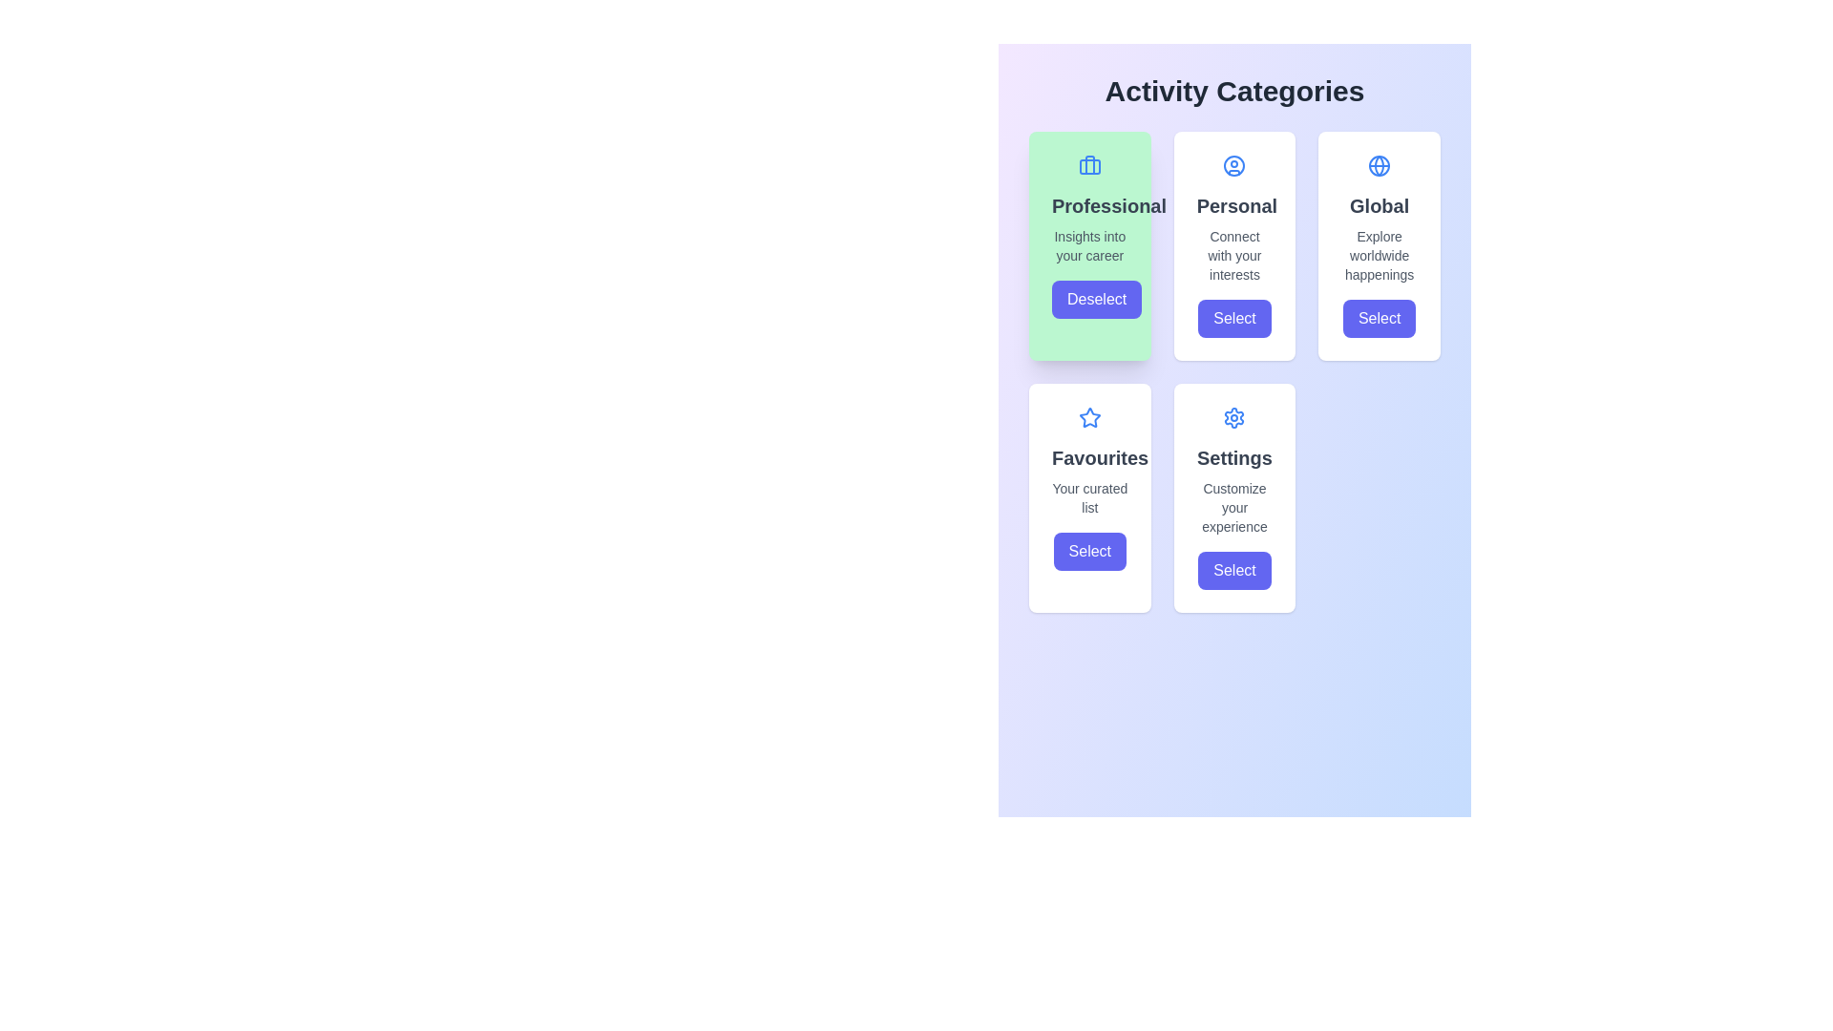 This screenshot has width=1833, height=1031. What do you see at coordinates (1089, 457) in the screenshot?
I see `the text label 'Favourites' which is styled in a bold font and centered alignment, located in the second card of the second row in the grid layout` at bounding box center [1089, 457].